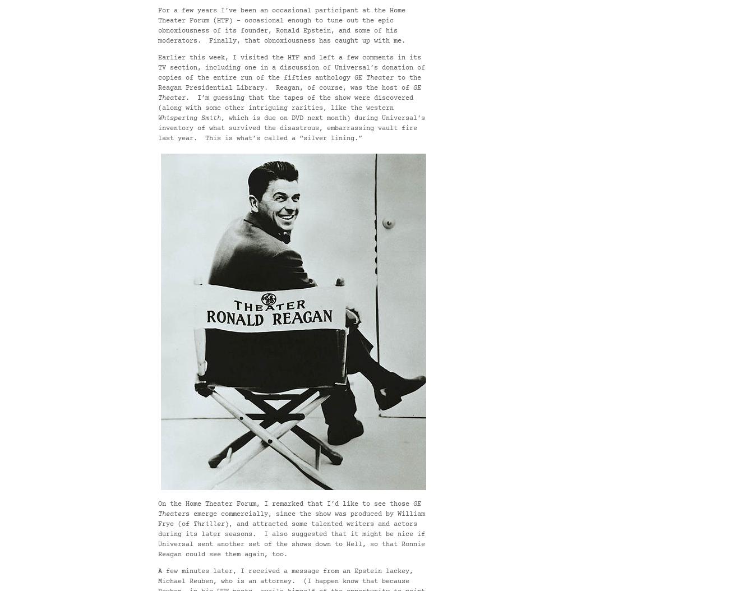 Image resolution: width=729 pixels, height=591 pixels. Describe the element at coordinates (158, 128) in the screenshot. I see `', which is due on DVD next month) during Universal’s inventory of what survived the disastrous, embarrassing vault fire last year.  This is what’s called a “silver lining.”'` at that location.